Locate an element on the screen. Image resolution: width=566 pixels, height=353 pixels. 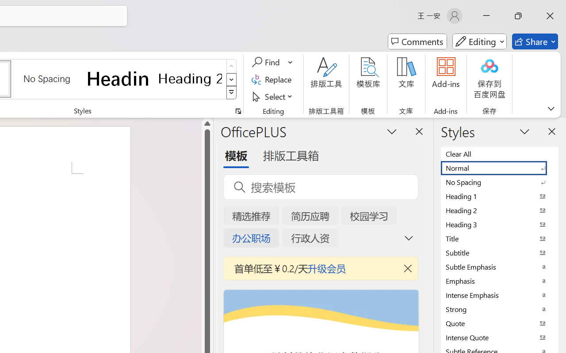
'Heading 2' is located at coordinates (190, 78).